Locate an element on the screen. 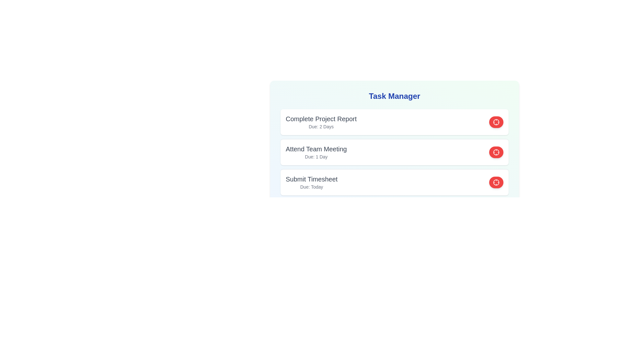  the first task block labeled 'Complete Project Report' with a due date 'Due: 2 Days' and a red circular action button is located at coordinates (394, 122).